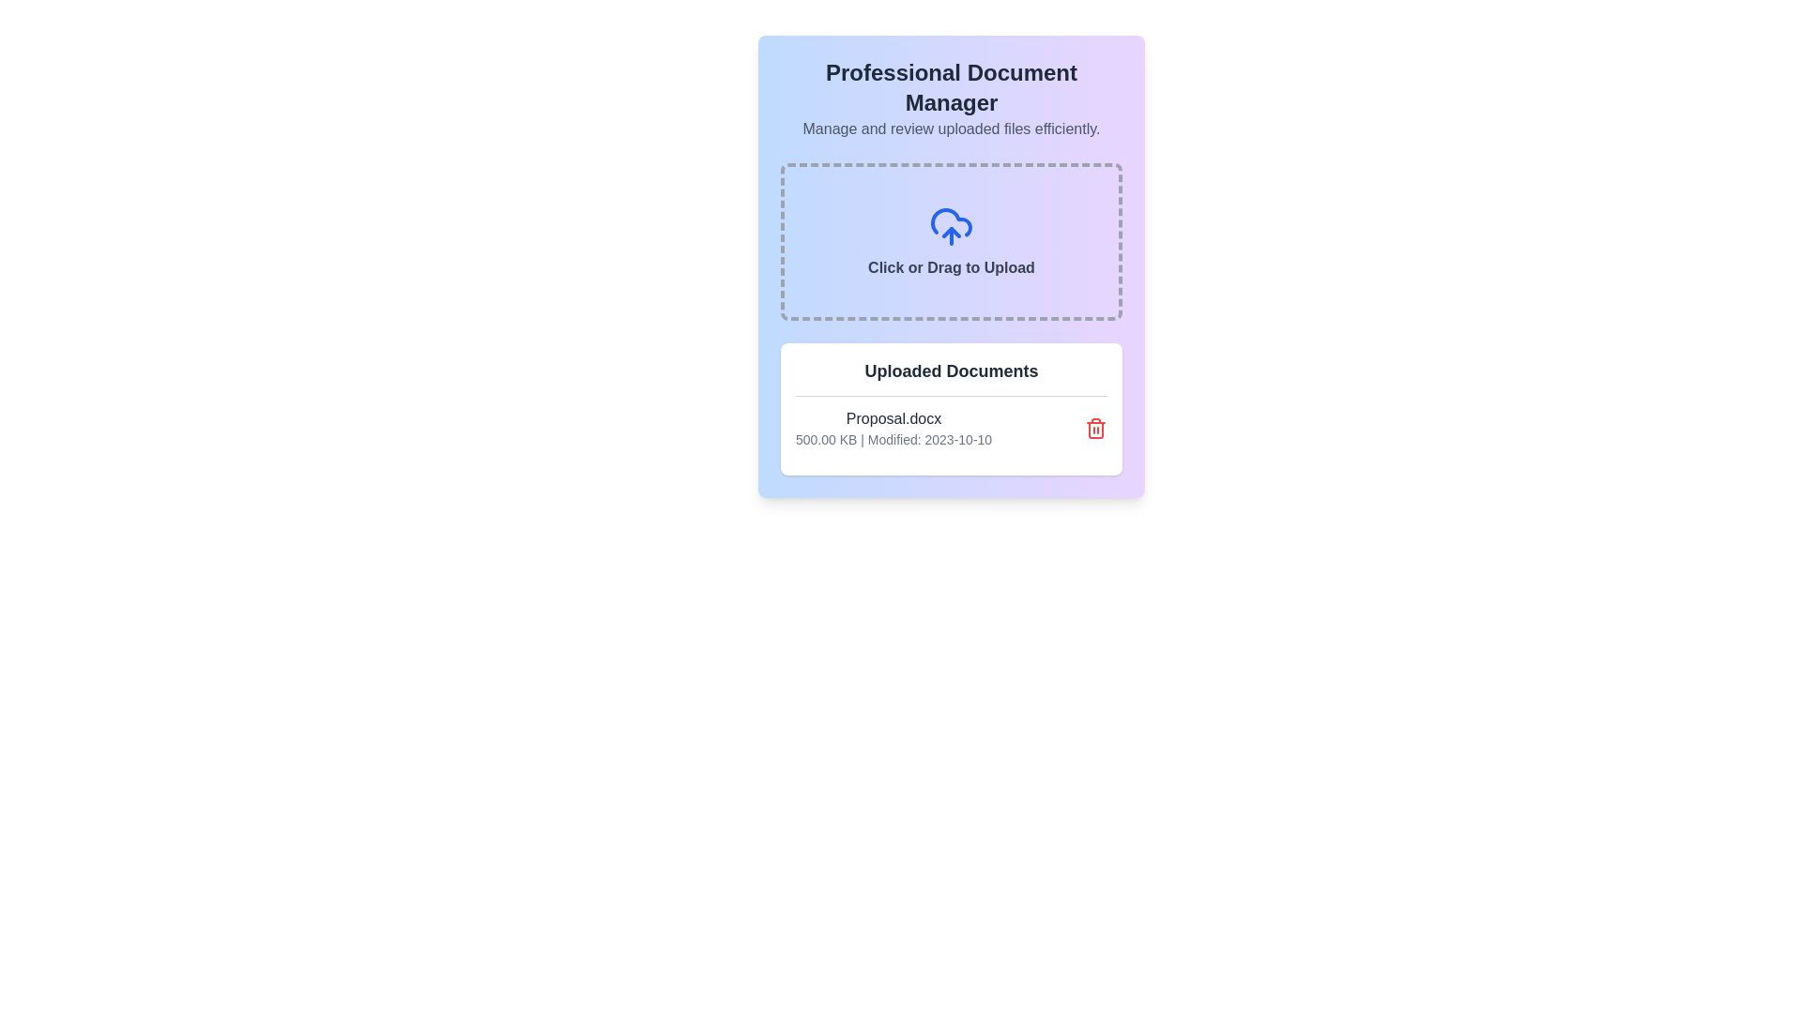 This screenshot has width=1802, height=1013. What do you see at coordinates (951, 241) in the screenshot?
I see `the interactive text with an upload icon, styled as a button` at bounding box center [951, 241].